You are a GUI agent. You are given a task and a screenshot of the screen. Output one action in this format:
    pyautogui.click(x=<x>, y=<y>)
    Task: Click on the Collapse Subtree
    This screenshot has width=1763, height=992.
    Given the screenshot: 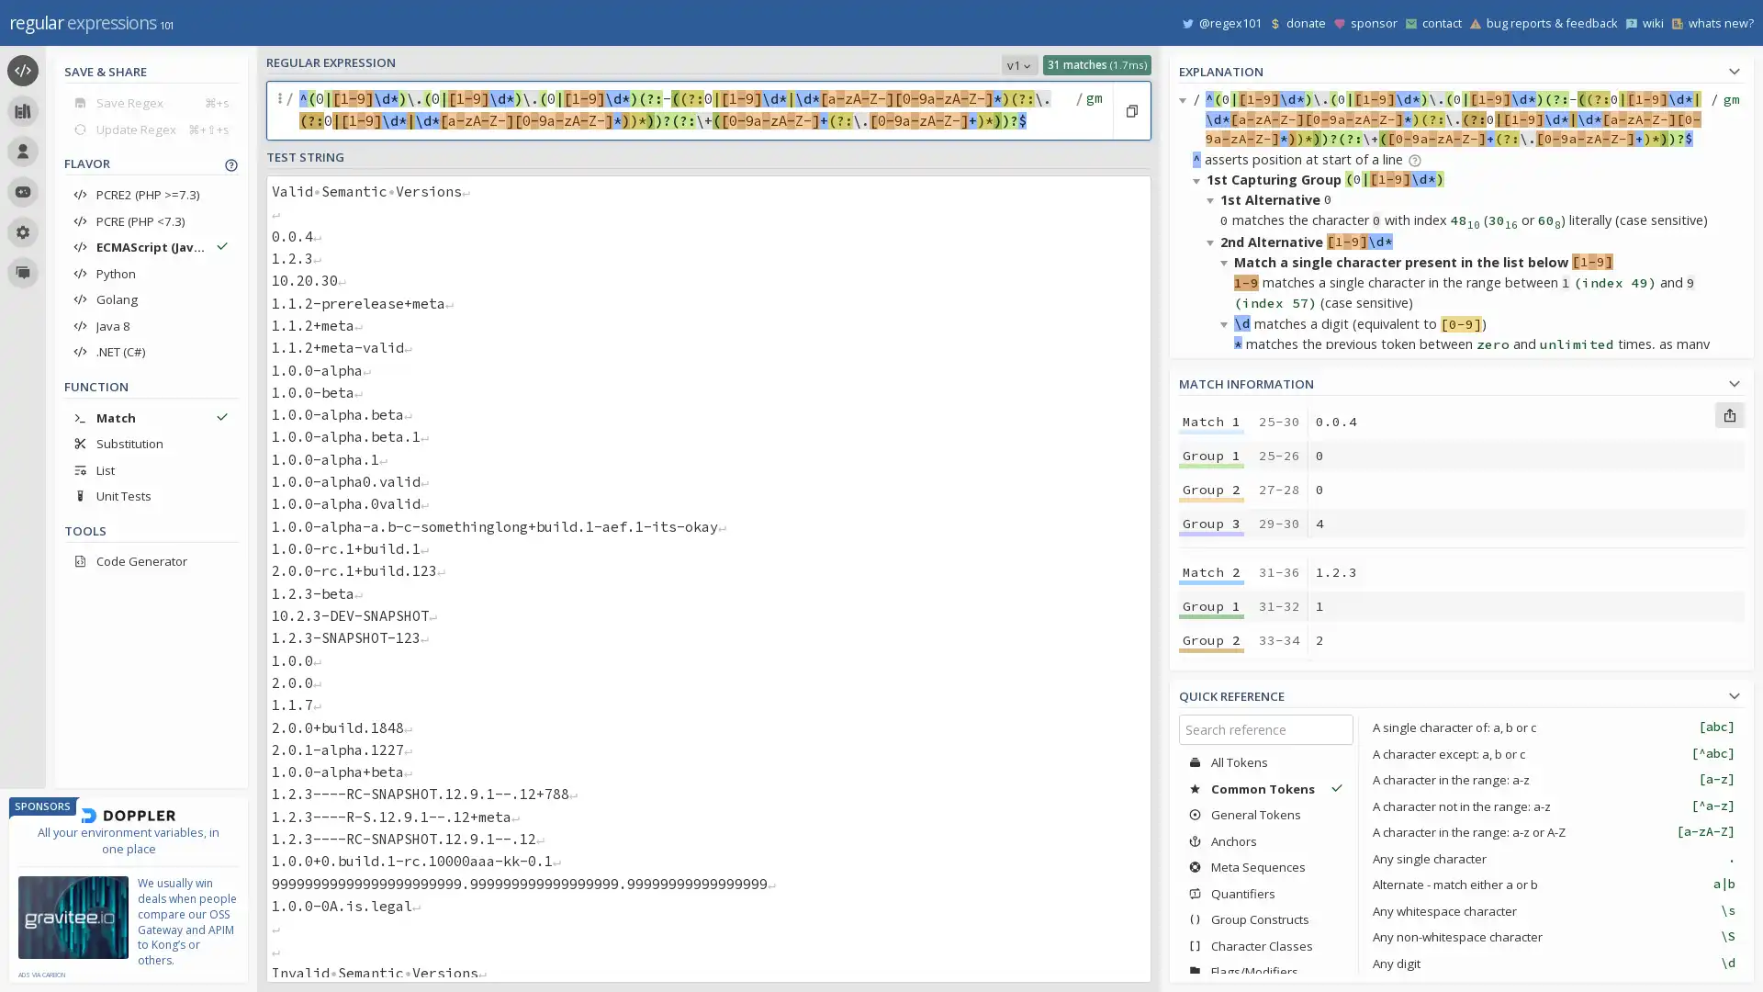 What is the action you would take?
    pyautogui.click(x=1227, y=718)
    